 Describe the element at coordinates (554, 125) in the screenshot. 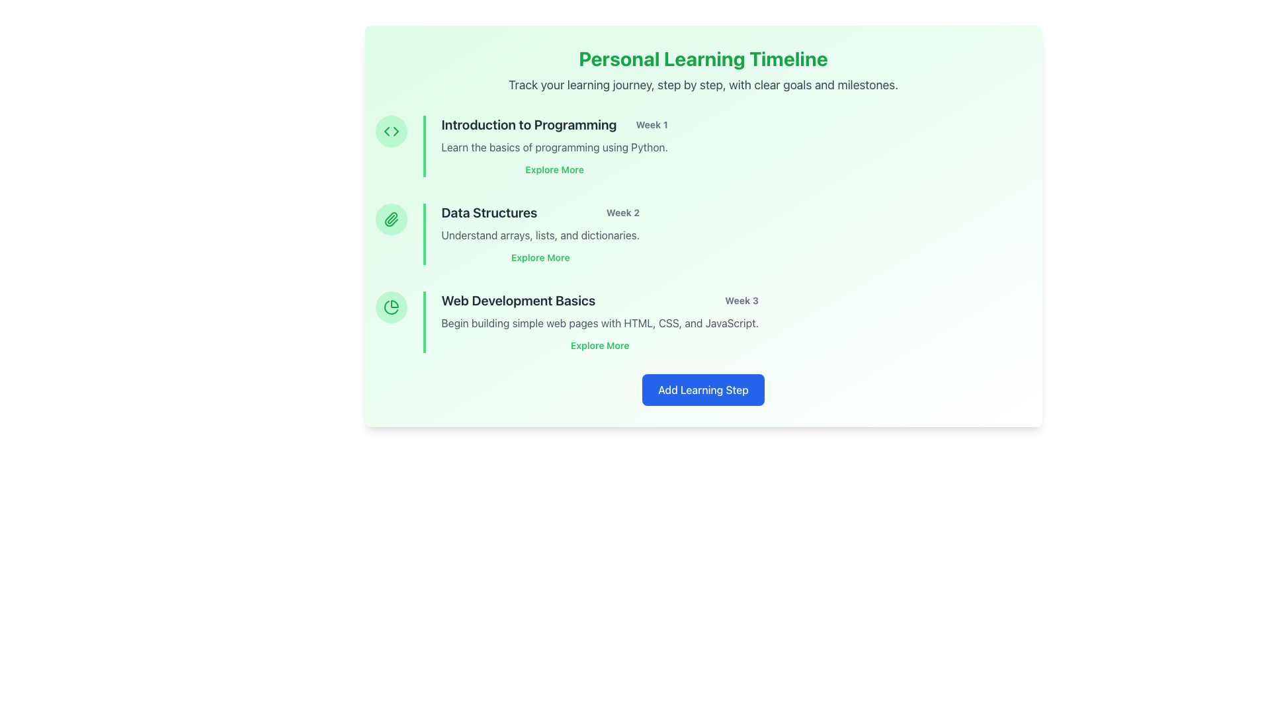

I see `the text label that reads 'Introduction to Programming' with 'Week 1' to the right, located at the top of the content block under 'Personal Learning Timeline'` at that location.